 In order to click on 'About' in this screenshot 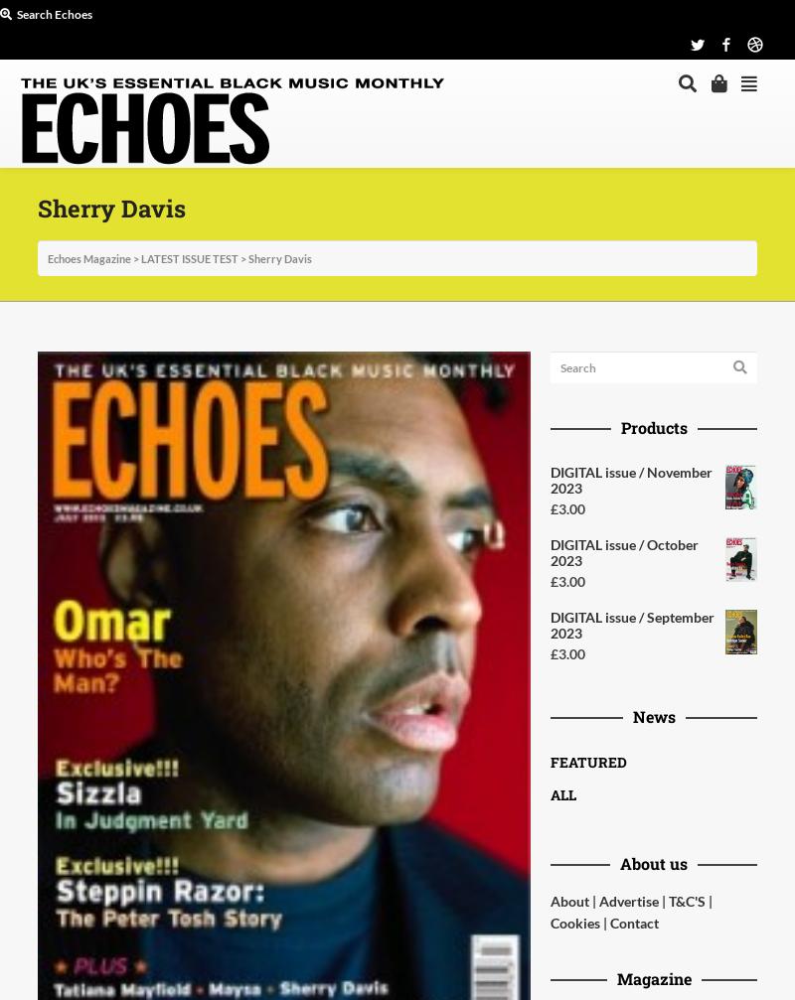, I will do `click(568, 900)`.